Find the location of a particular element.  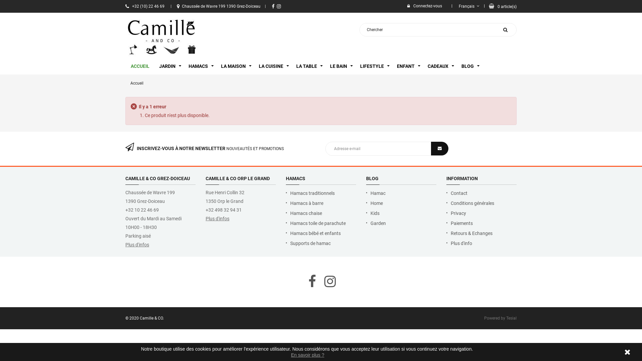

'Plus d'infos' is located at coordinates (137, 245).